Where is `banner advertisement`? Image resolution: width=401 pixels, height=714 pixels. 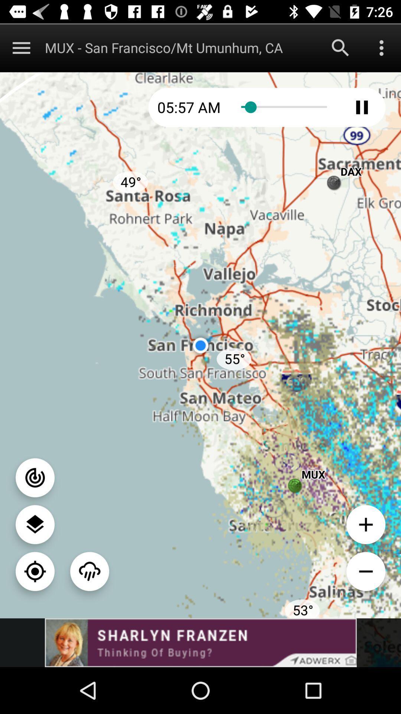
banner advertisement is located at coordinates (200, 642).